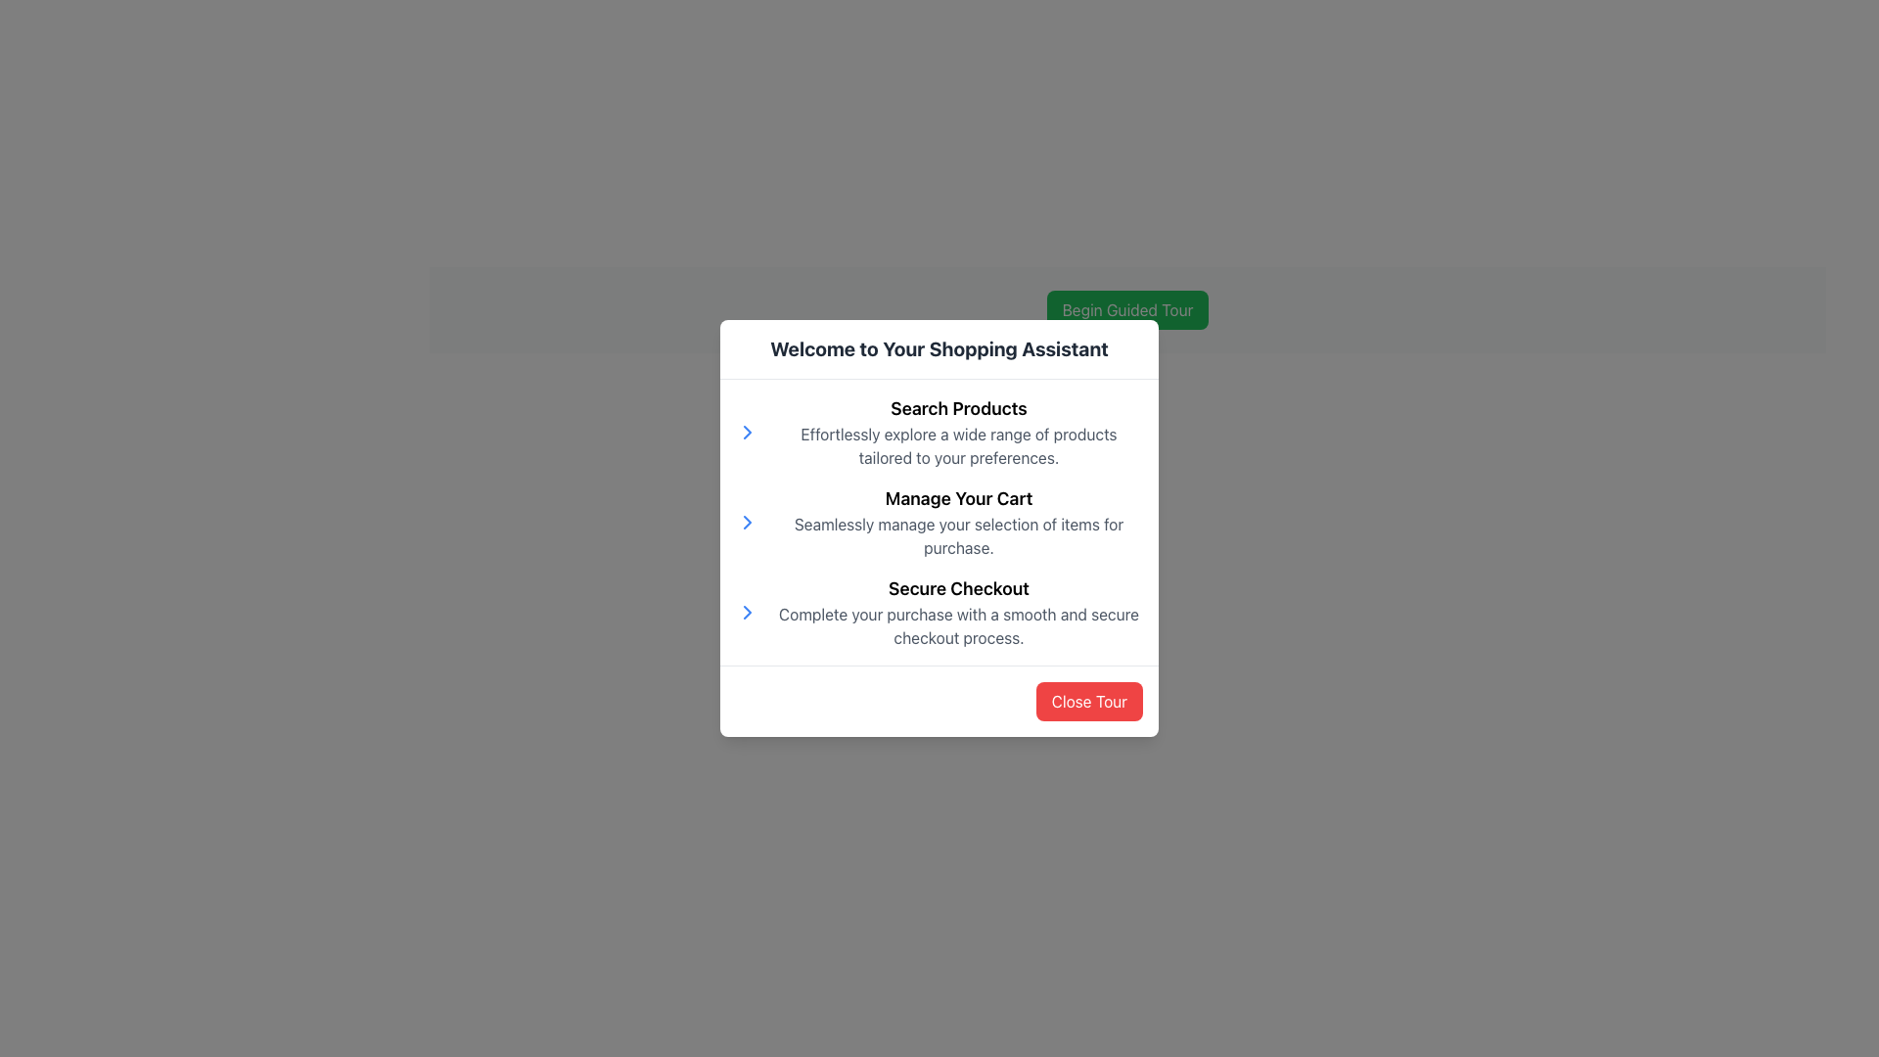 This screenshot has width=1879, height=1057. I want to click on the 'Manage Your Cart' icon, which is visually indicative of navigation or action related to cart management, located horizontally adjacent to its title text, so click(746, 521).